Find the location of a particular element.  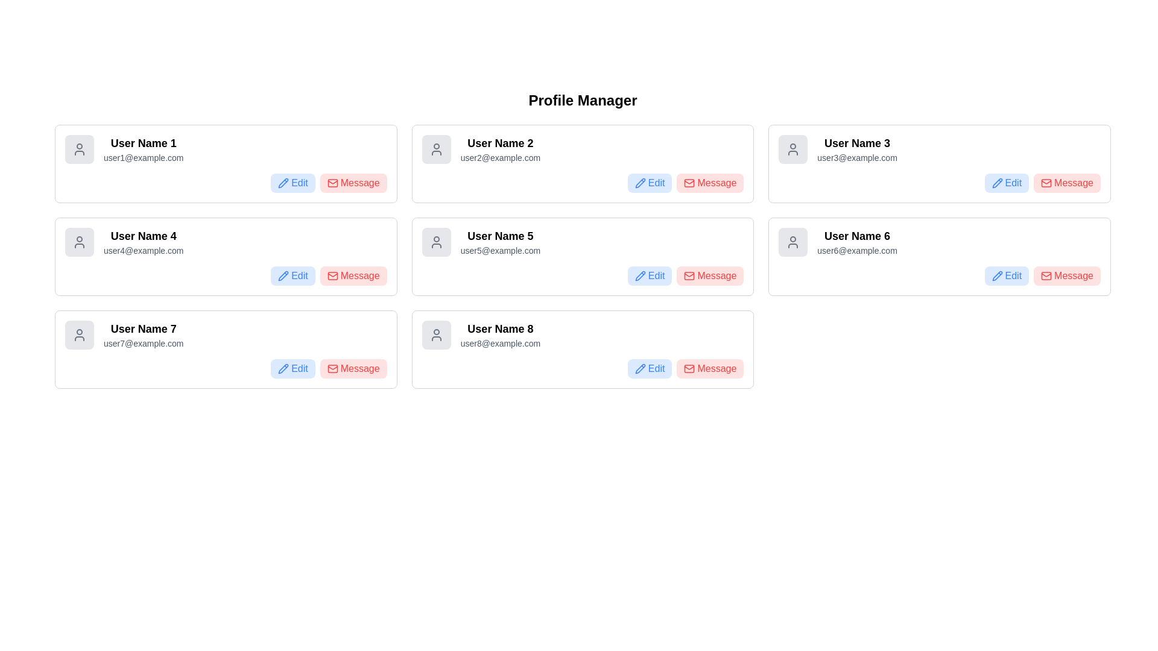

the user icon located in the user profile card labeled 'User Name 3' in the top-right area of the interface is located at coordinates (793, 148).